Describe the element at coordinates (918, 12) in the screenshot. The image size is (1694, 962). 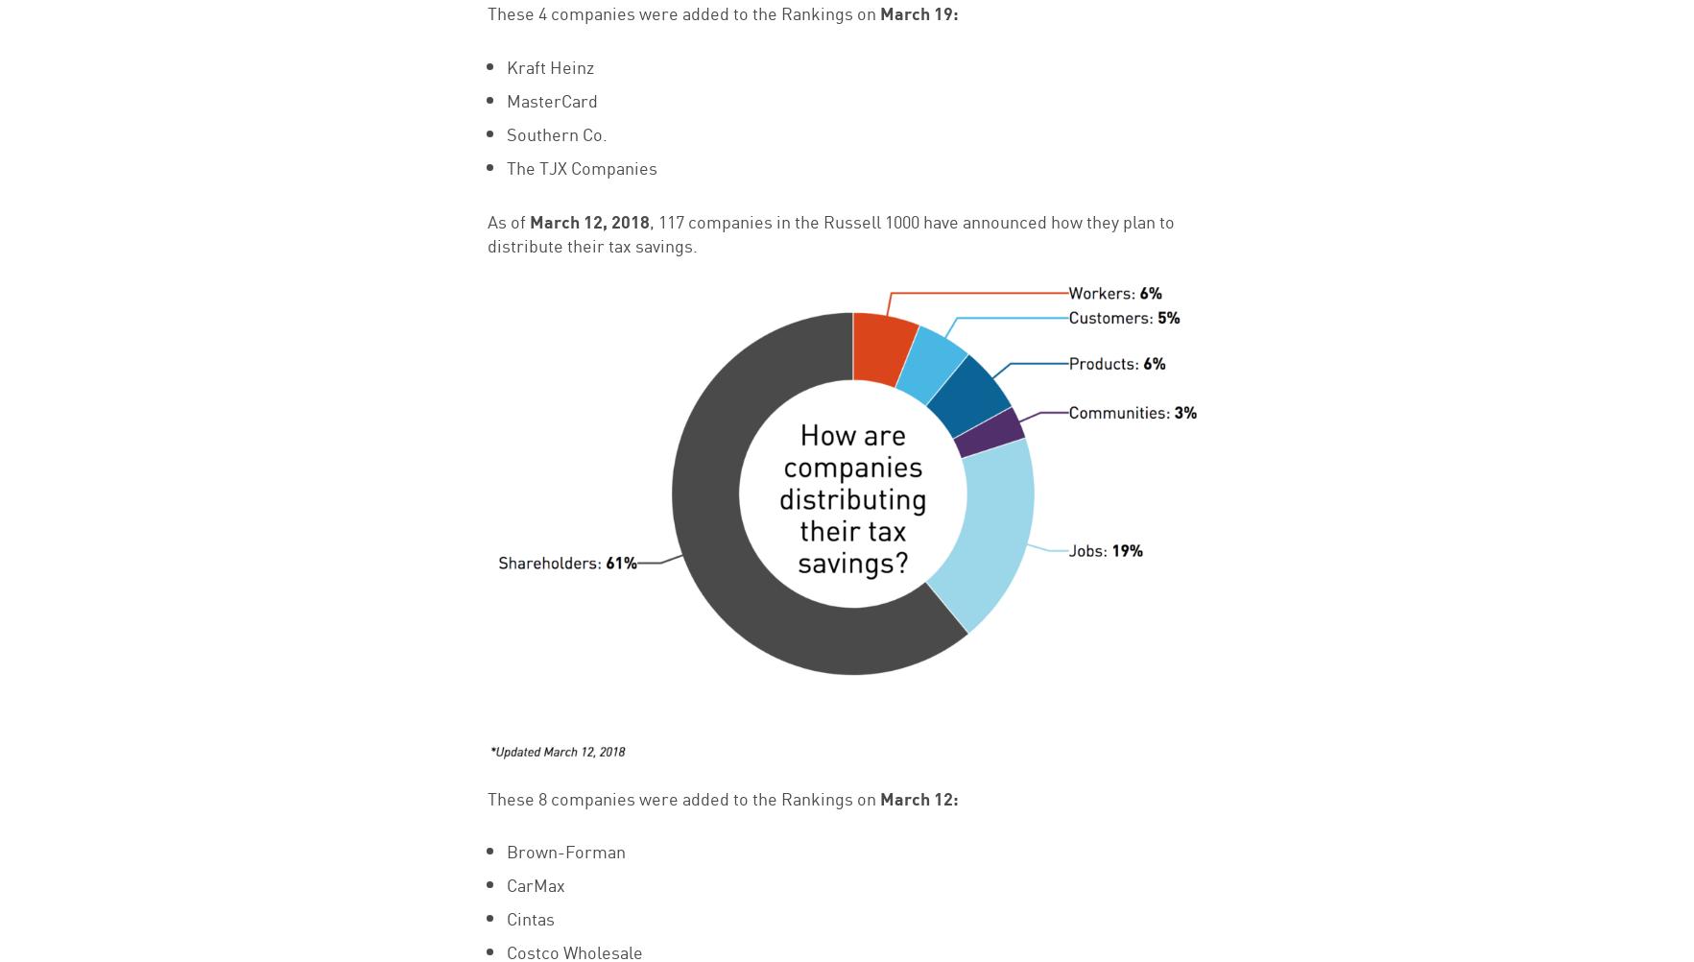
I see `'March 19:'` at that location.